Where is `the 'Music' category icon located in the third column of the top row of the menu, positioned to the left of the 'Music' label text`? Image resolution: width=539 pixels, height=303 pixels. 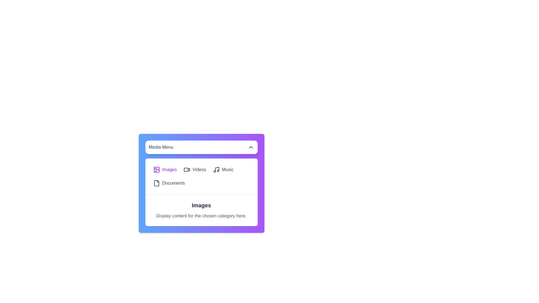 the 'Music' category icon located in the third column of the top row of the menu, positioned to the left of the 'Music' label text is located at coordinates (216, 169).